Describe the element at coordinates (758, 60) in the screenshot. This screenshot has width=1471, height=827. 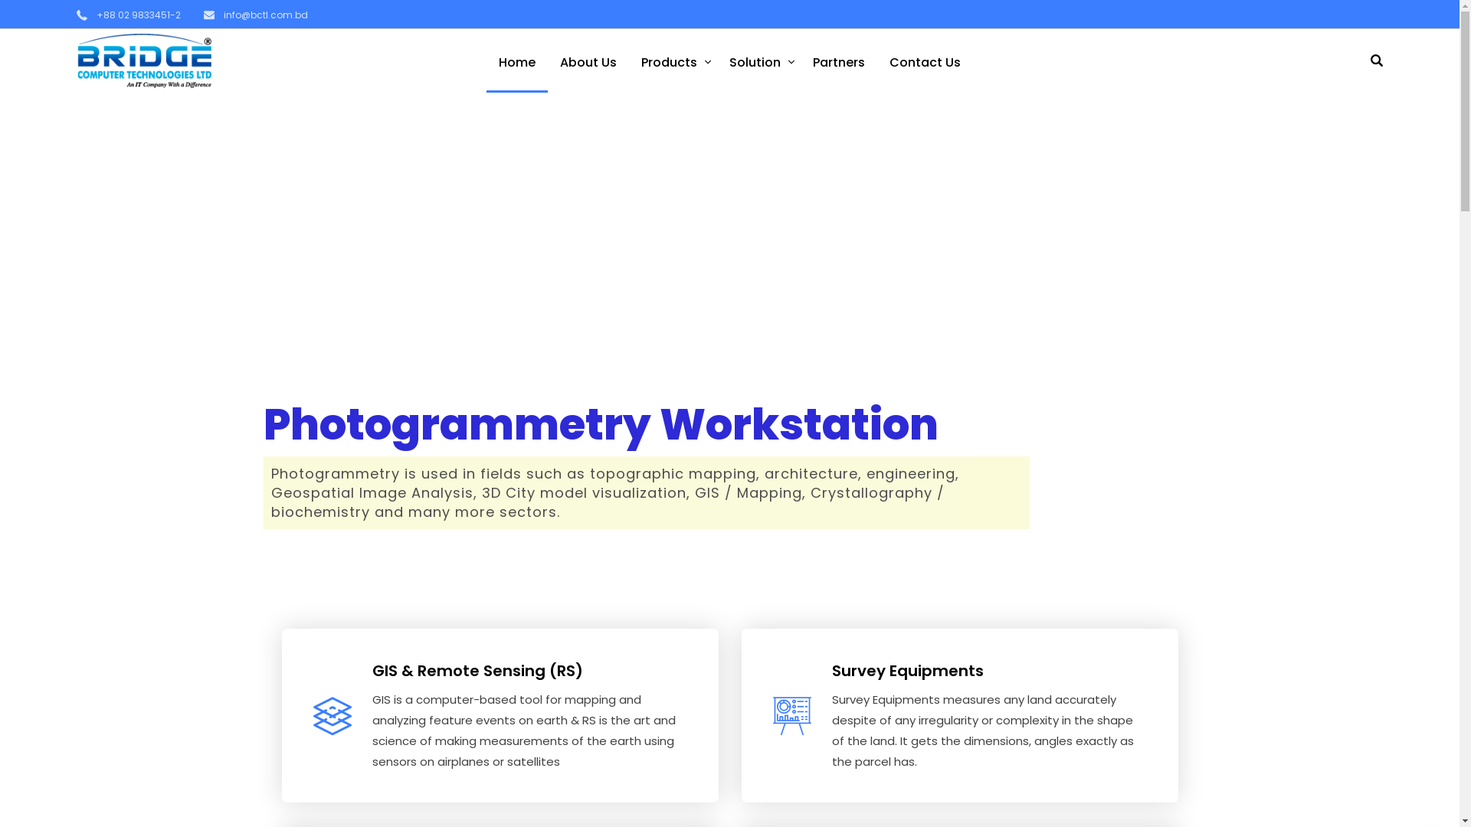
I see `'Solution'` at that location.